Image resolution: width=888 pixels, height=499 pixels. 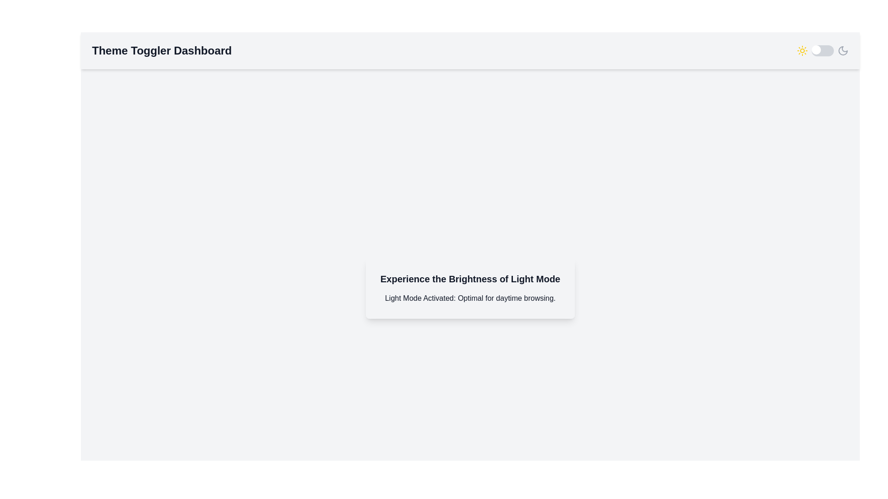 What do you see at coordinates (843, 51) in the screenshot?
I see `the gray crescent moon icon, which is part of an SVG component located in the top-right corner of the interface, adjacent to a toggle switch and a sun icon` at bounding box center [843, 51].